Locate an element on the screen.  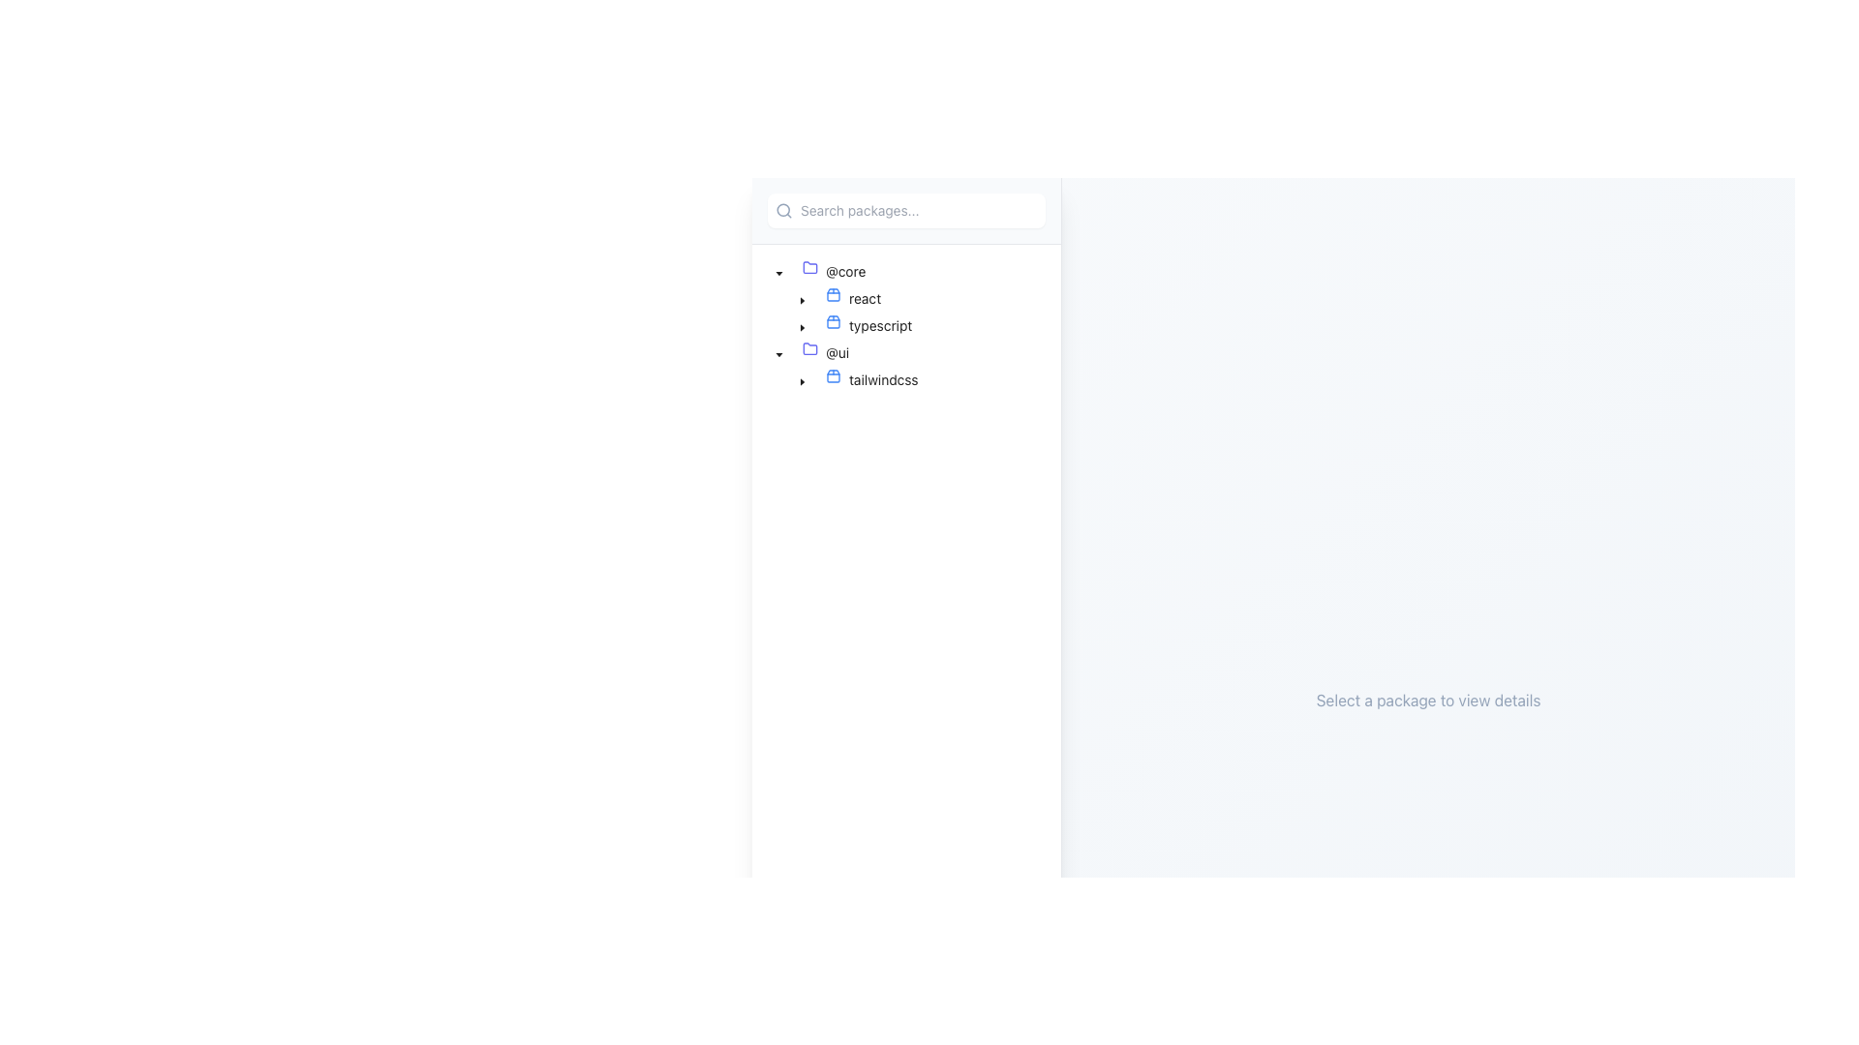
the blue box icon located within the tree structure under the 'react' item in the '@core' folder is located at coordinates (833, 294).